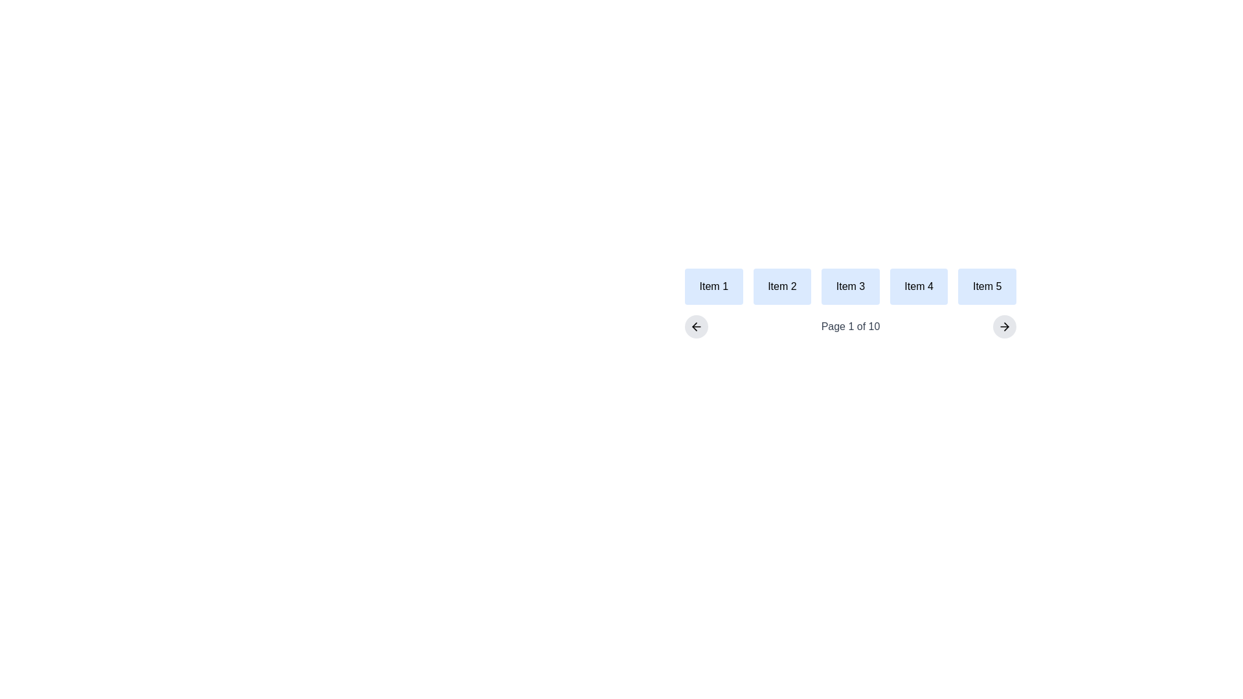 This screenshot has width=1243, height=699. Describe the element at coordinates (851, 326) in the screenshot. I see `the static text label reading 'Page 1 of 10', which is styled in gray and located at the center of the pagination interface area, between interactive arrow symbols for navigation` at that location.